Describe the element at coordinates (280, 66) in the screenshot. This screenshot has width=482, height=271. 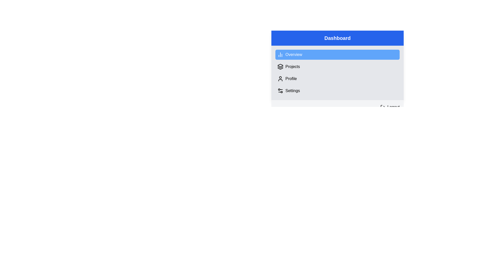
I see `the small icon resembling stacked layers, located to the left of the 'Projects' text in the sidebar menu of the 'Dashboard'` at that location.